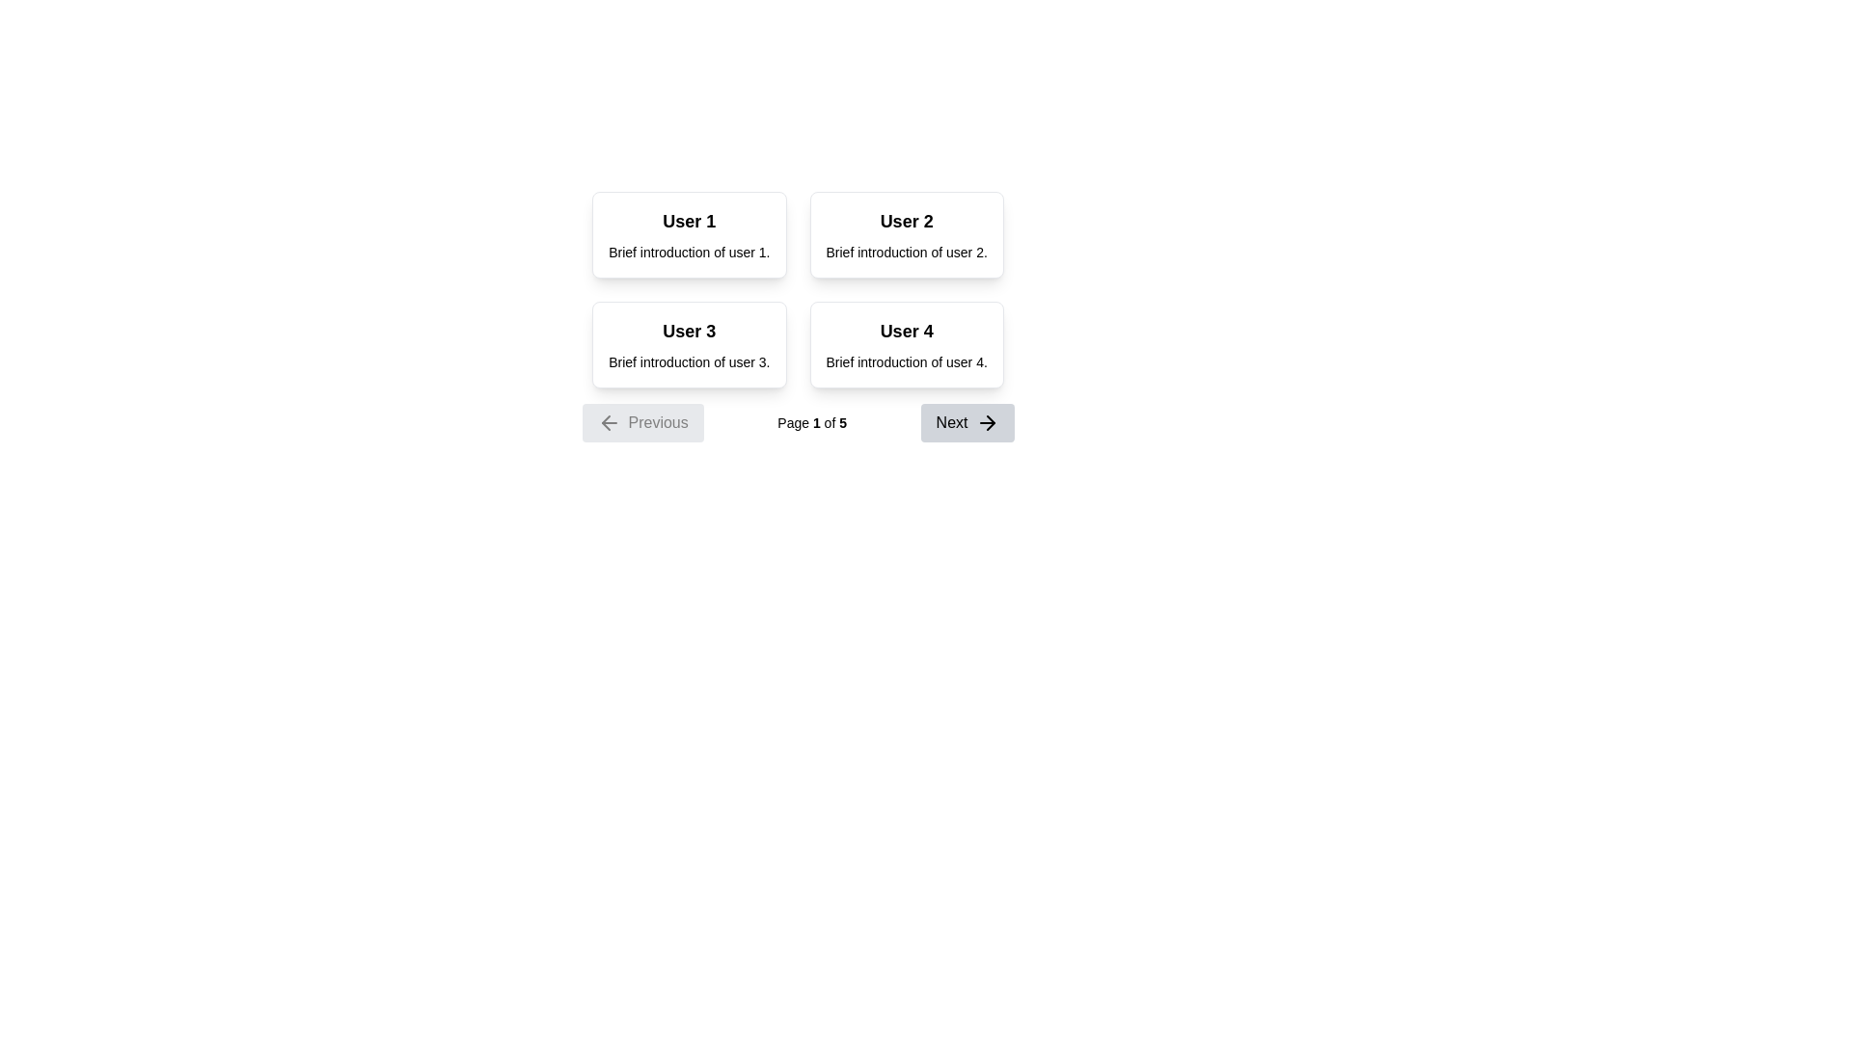 This screenshot has height=1041, width=1852. Describe the element at coordinates (987, 422) in the screenshot. I see `the right-pointing arrow icon that is part of the 'Next' button located near the bottom right corner of the content window` at that location.